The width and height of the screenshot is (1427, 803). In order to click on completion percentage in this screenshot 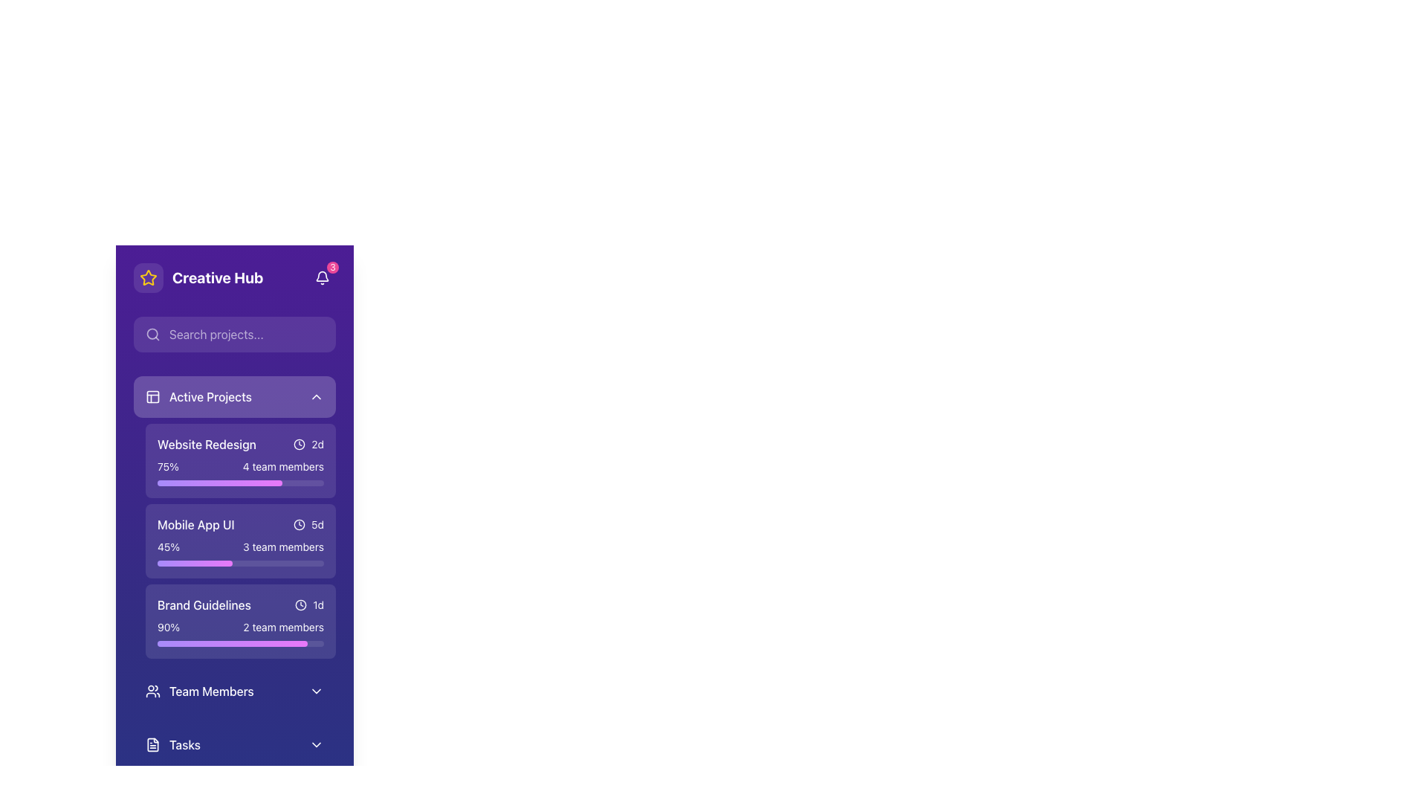, I will do `click(161, 483)`.